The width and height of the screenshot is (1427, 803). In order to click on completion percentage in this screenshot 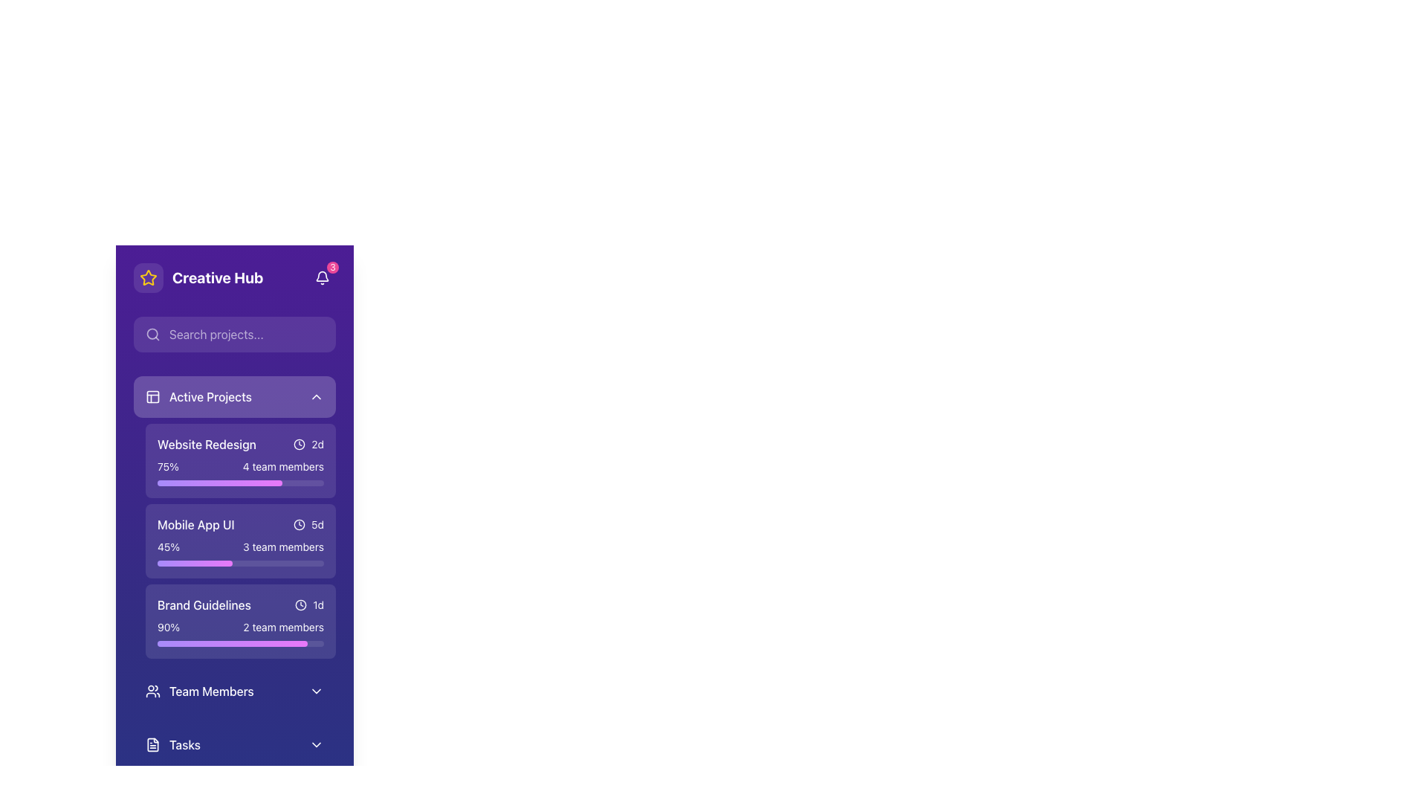, I will do `click(161, 483)`.